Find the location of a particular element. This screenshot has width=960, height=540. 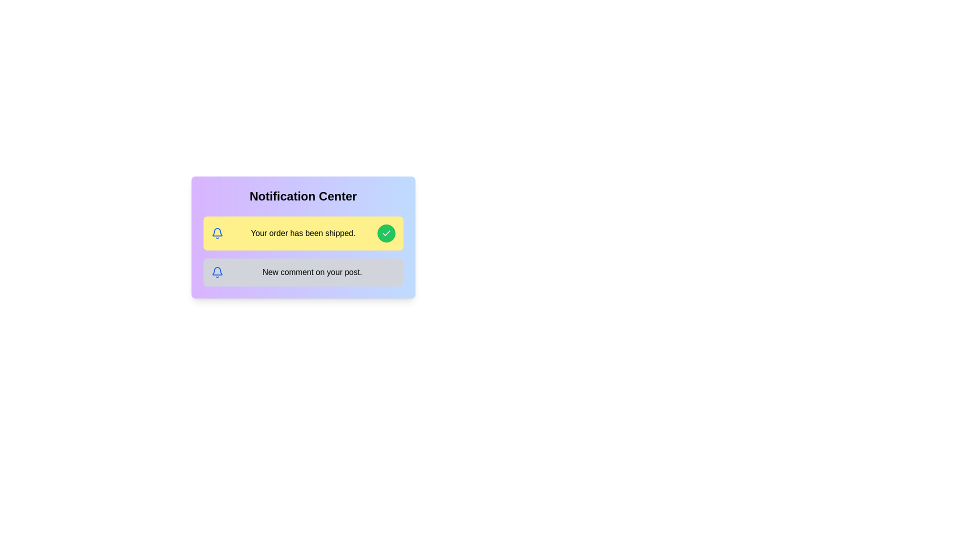

text content of the notification label displaying 'New comment on your post.' which is part of the notification card in the Notification Center is located at coordinates (311, 272).